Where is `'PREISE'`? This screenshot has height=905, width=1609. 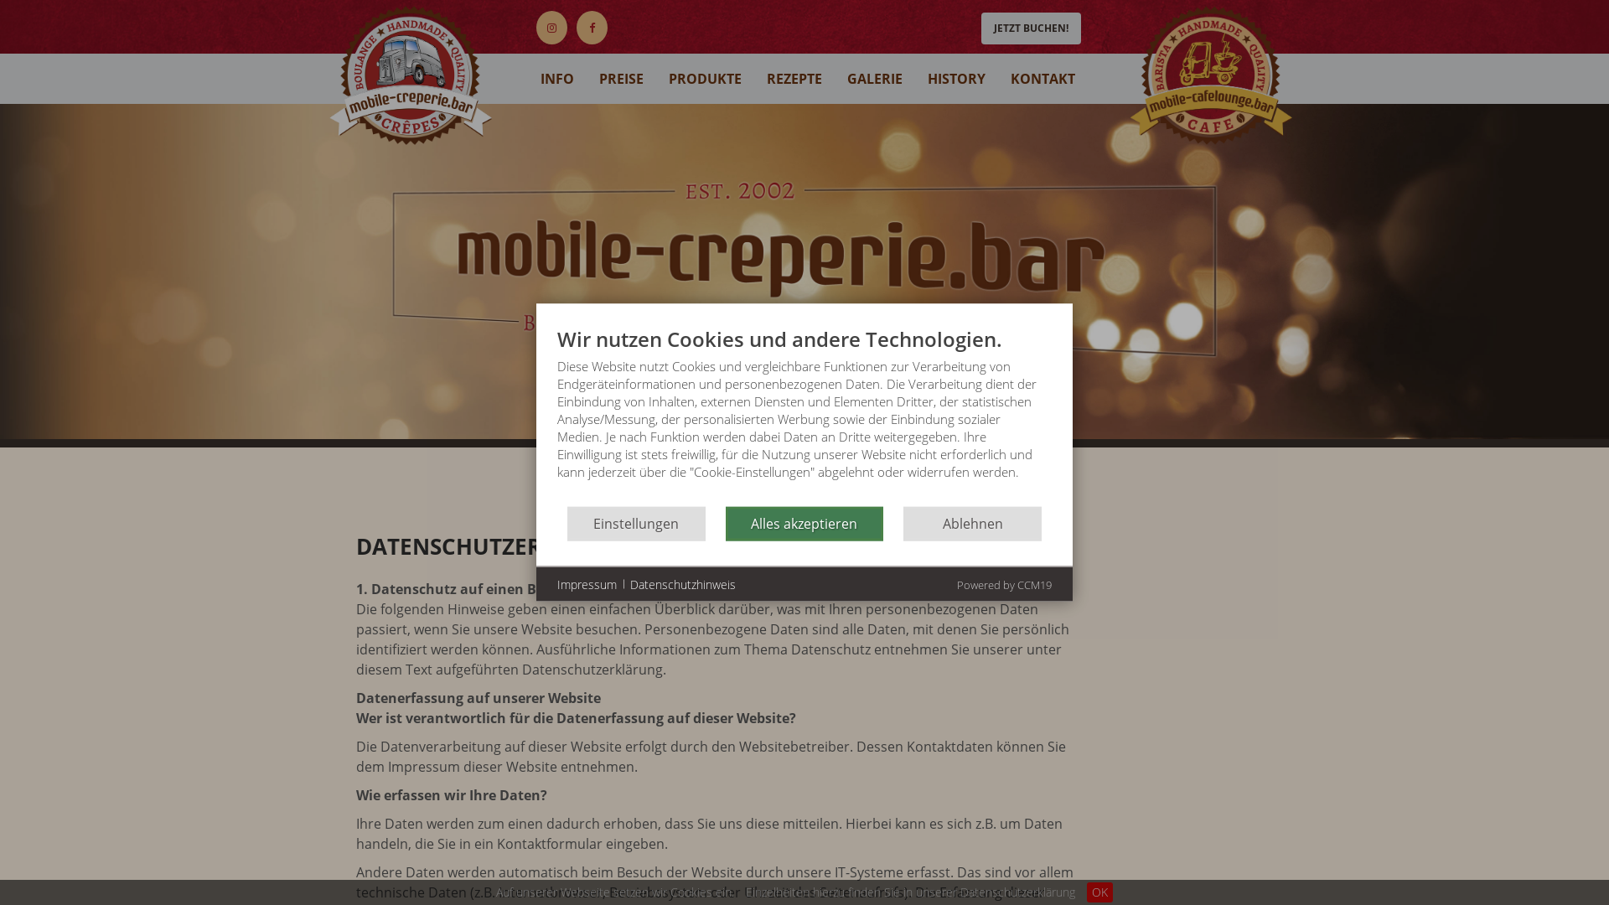
'PREISE' is located at coordinates (620, 78).